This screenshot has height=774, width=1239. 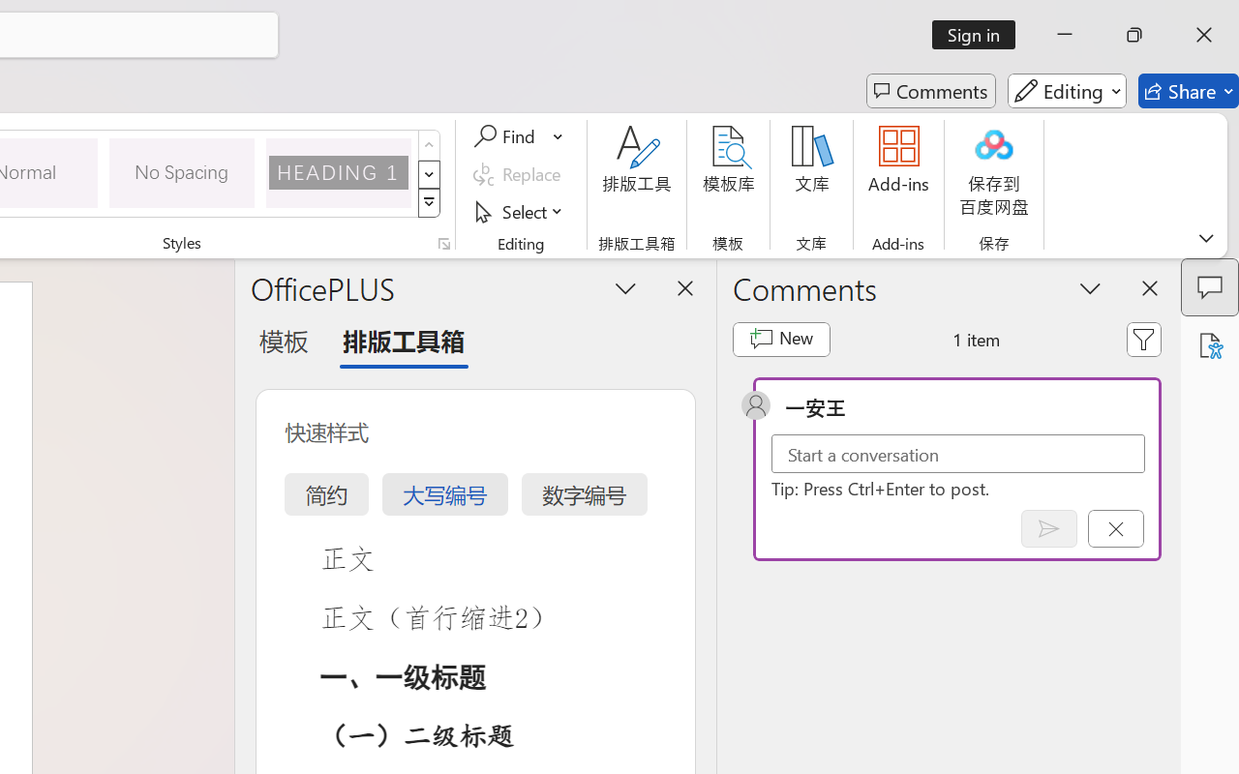 I want to click on 'Sign in', so click(x=981, y=34).